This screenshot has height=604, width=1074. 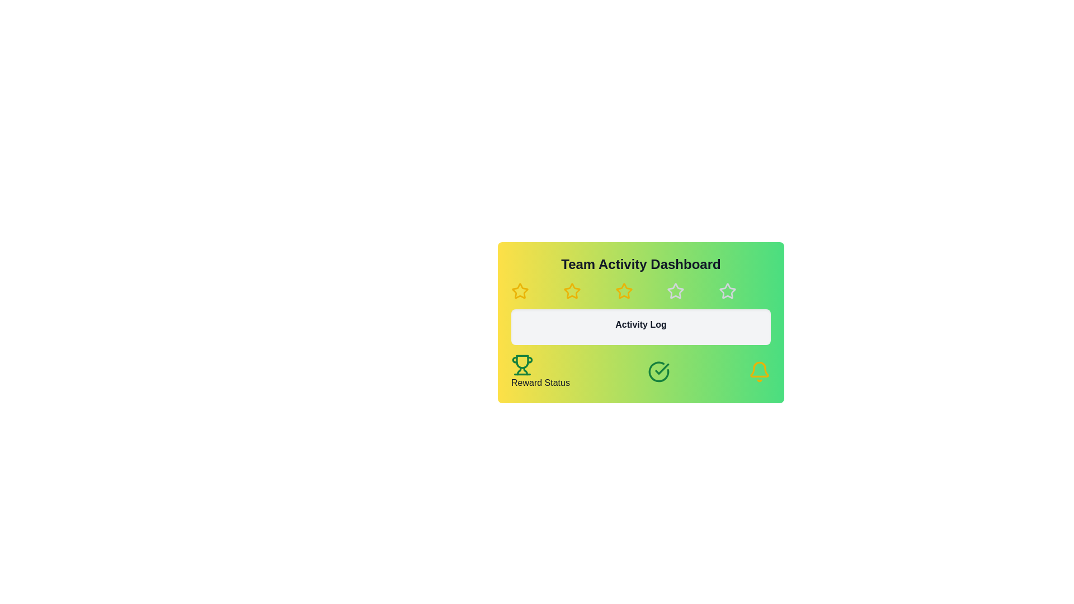 What do you see at coordinates (520, 290) in the screenshot?
I see `the first star-shaped icon with a yellow outline in the header section of the card, located below the 'Team Activity Dashboard' title` at bounding box center [520, 290].